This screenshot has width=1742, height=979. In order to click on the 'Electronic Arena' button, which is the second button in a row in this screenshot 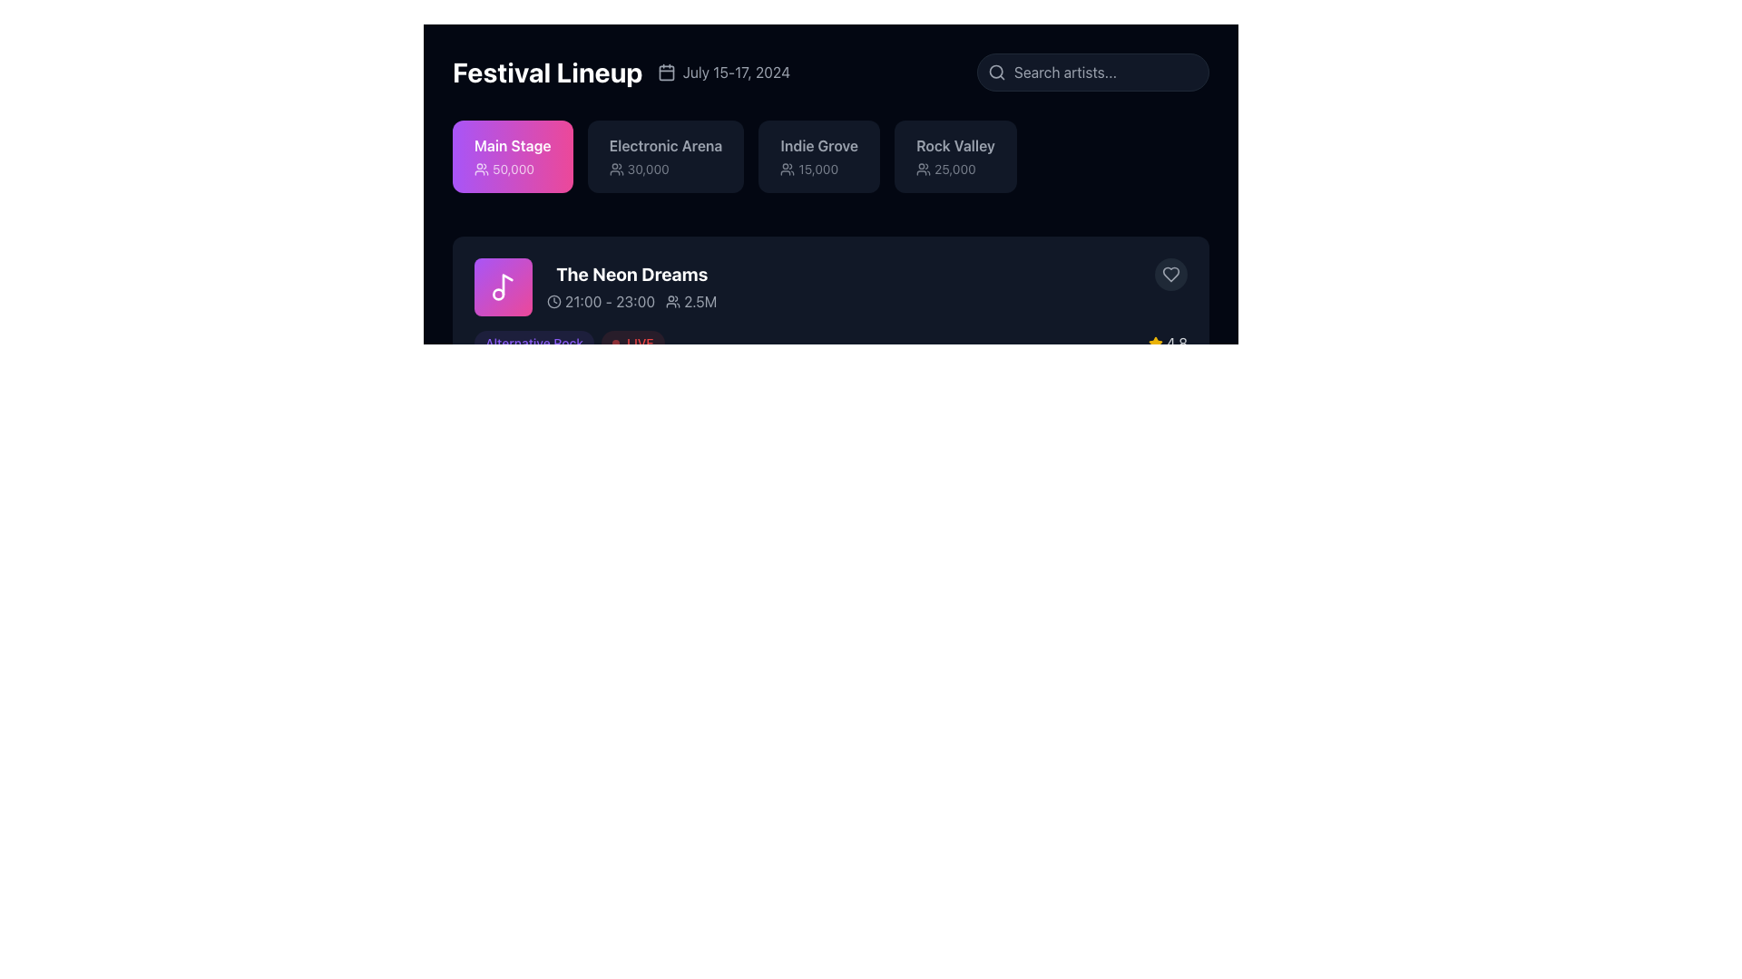, I will do `click(665, 156)`.